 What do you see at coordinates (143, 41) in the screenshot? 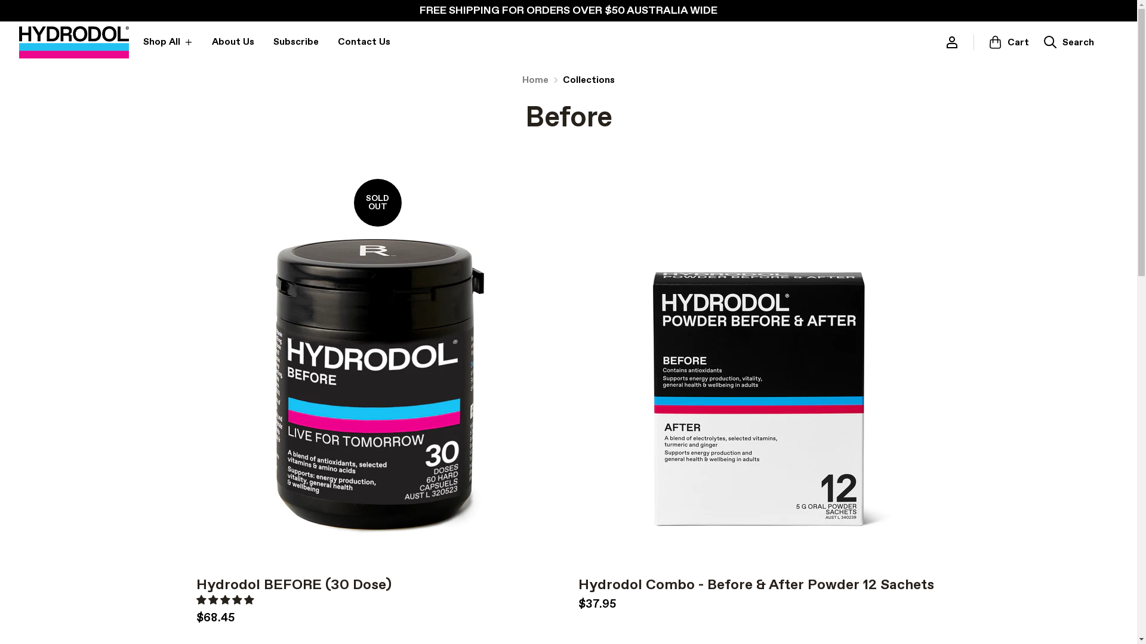
I see `'Shop All'` at bounding box center [143, 41].